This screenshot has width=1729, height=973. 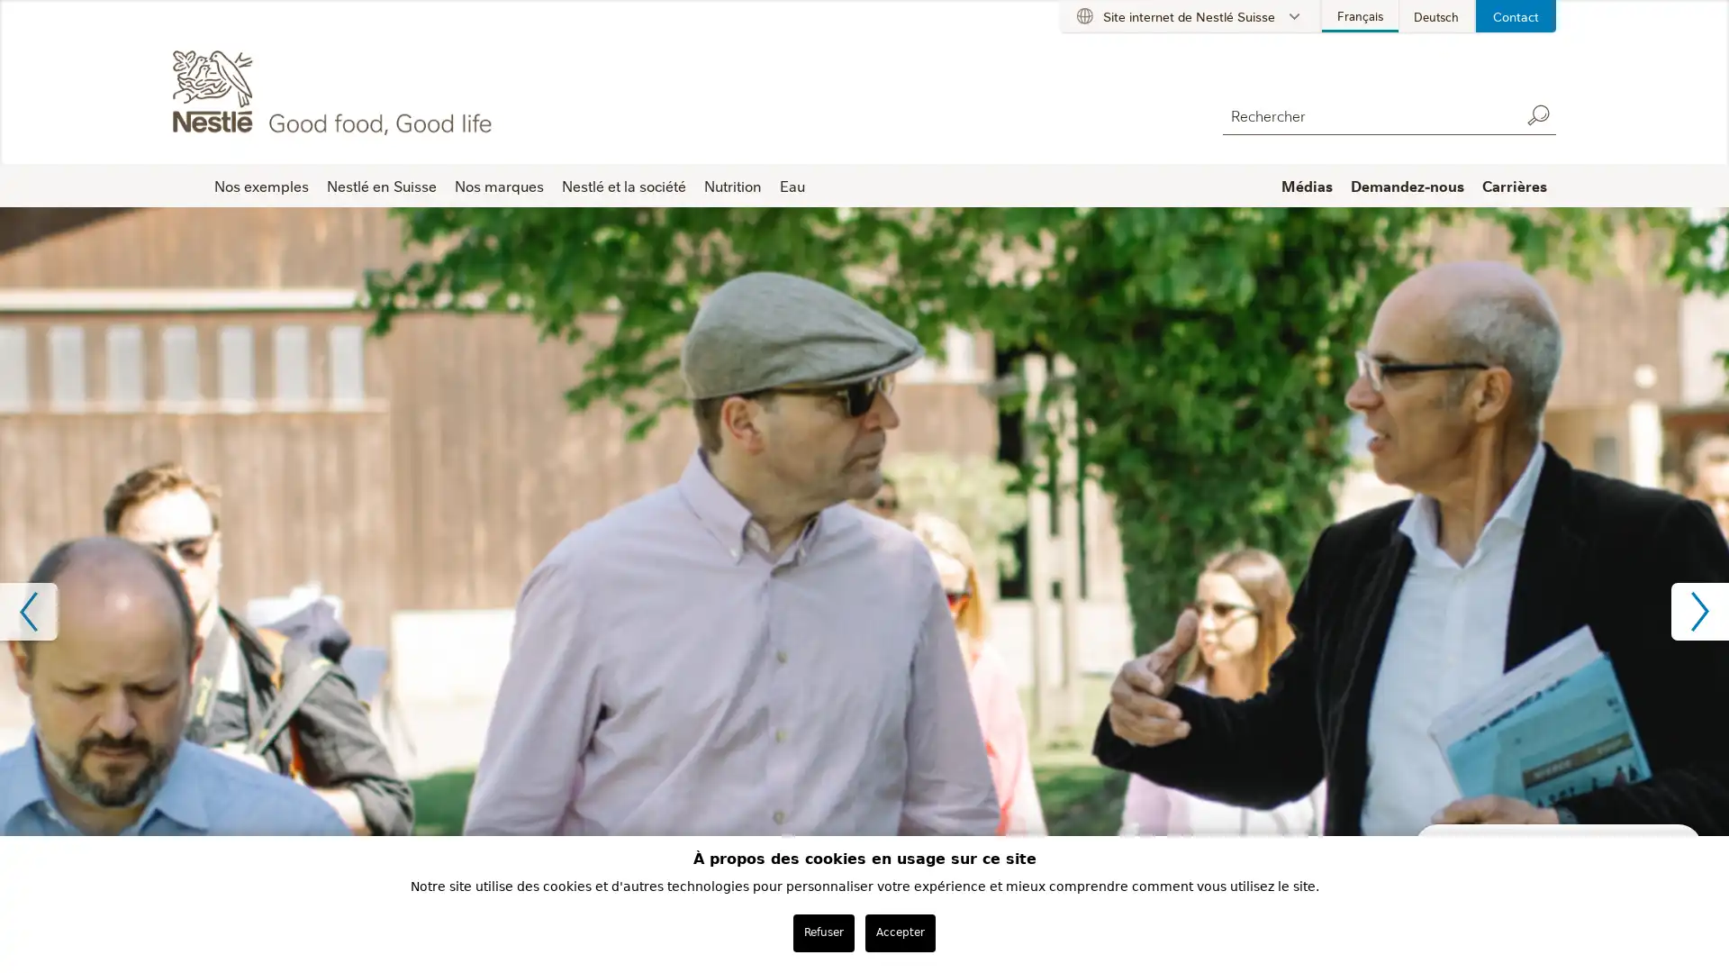 I want to click on Accept, so click(x=899, y=932).